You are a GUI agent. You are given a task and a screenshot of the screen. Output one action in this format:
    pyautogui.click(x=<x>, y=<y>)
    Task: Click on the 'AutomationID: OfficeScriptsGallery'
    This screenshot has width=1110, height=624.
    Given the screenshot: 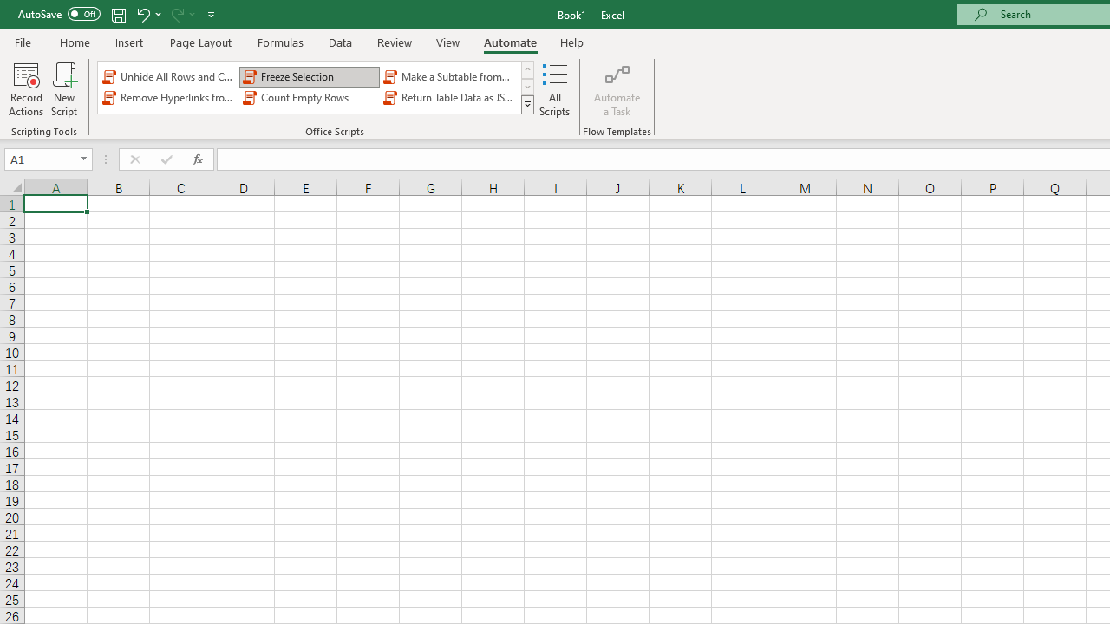 What is the action you would take?
    pyautogui.click(x=317, y=87)
    